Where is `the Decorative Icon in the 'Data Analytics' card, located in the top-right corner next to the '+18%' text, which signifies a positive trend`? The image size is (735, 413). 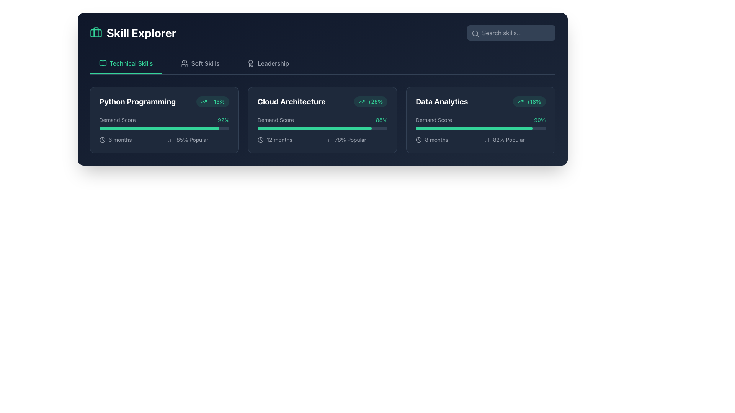 the Decorative Icon in the 'Data Analytics' card, located in the top-right corner next to the '+18%' text, which signifies a positive trend is located at coordinates (520, 101).